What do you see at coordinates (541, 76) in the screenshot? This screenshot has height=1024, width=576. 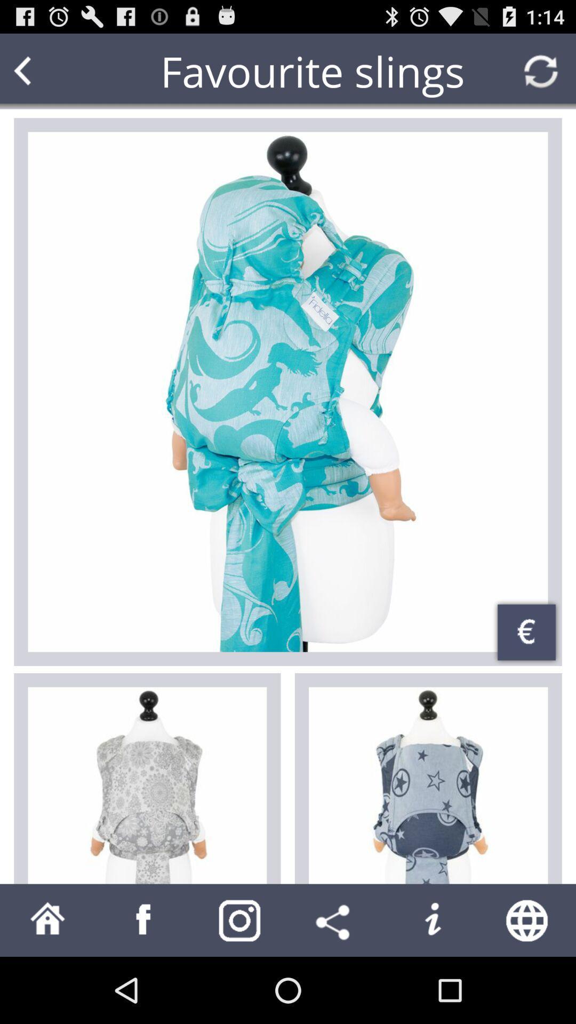 I see `the refresh icon` at bounding box center [541, 76].